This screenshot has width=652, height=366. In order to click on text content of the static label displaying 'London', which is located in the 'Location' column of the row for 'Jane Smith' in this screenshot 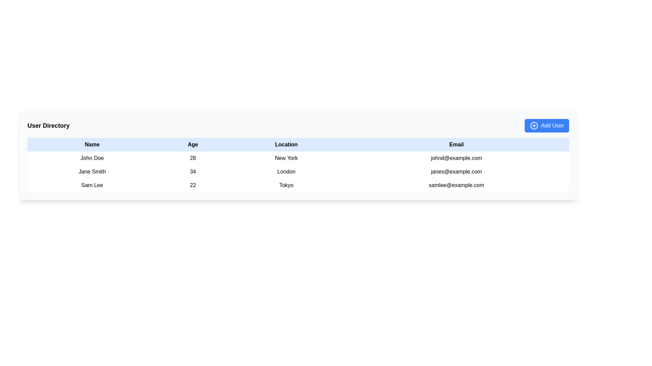, I will do `click(286, 171)`.